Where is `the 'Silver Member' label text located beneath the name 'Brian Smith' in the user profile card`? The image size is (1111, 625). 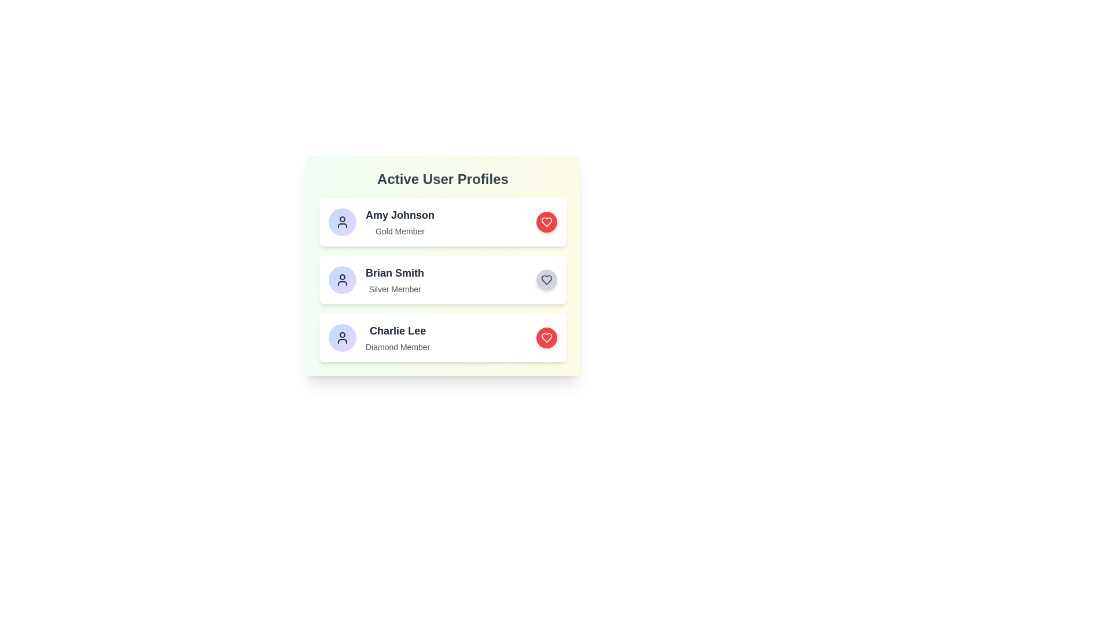
the 'Silver Member' label text located beneath the name 'Brian Smith' in the user profile card is located at coordinates (395, 289).